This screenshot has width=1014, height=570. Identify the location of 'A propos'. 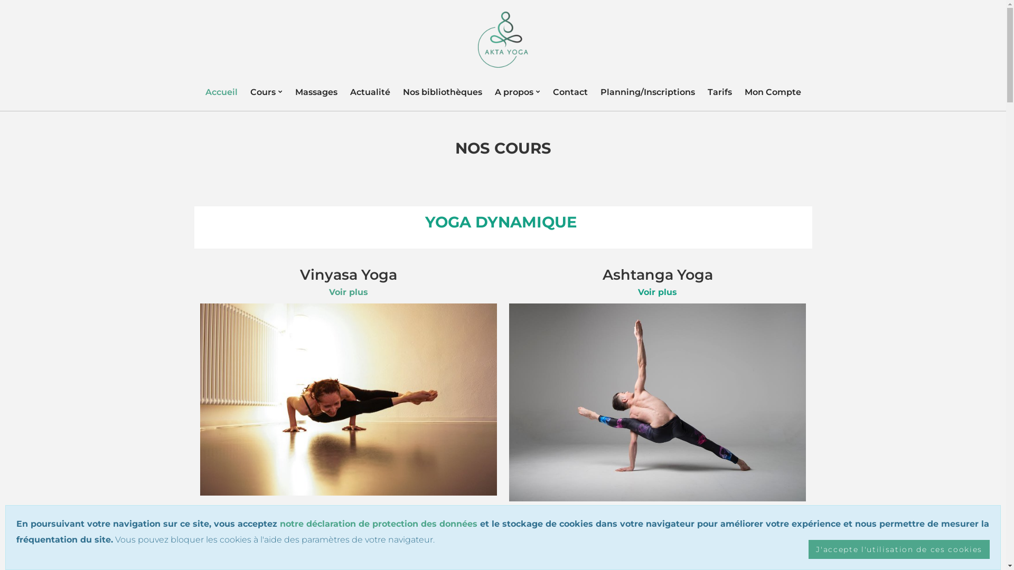
(517, 91).